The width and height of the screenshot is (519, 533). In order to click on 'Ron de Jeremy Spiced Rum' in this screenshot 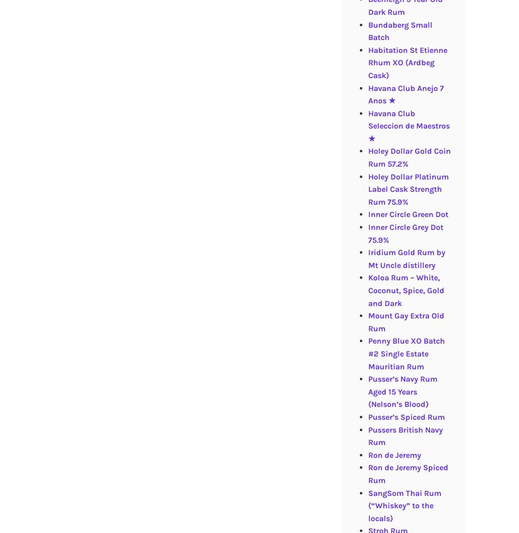, I will do `click(407, 473)`.